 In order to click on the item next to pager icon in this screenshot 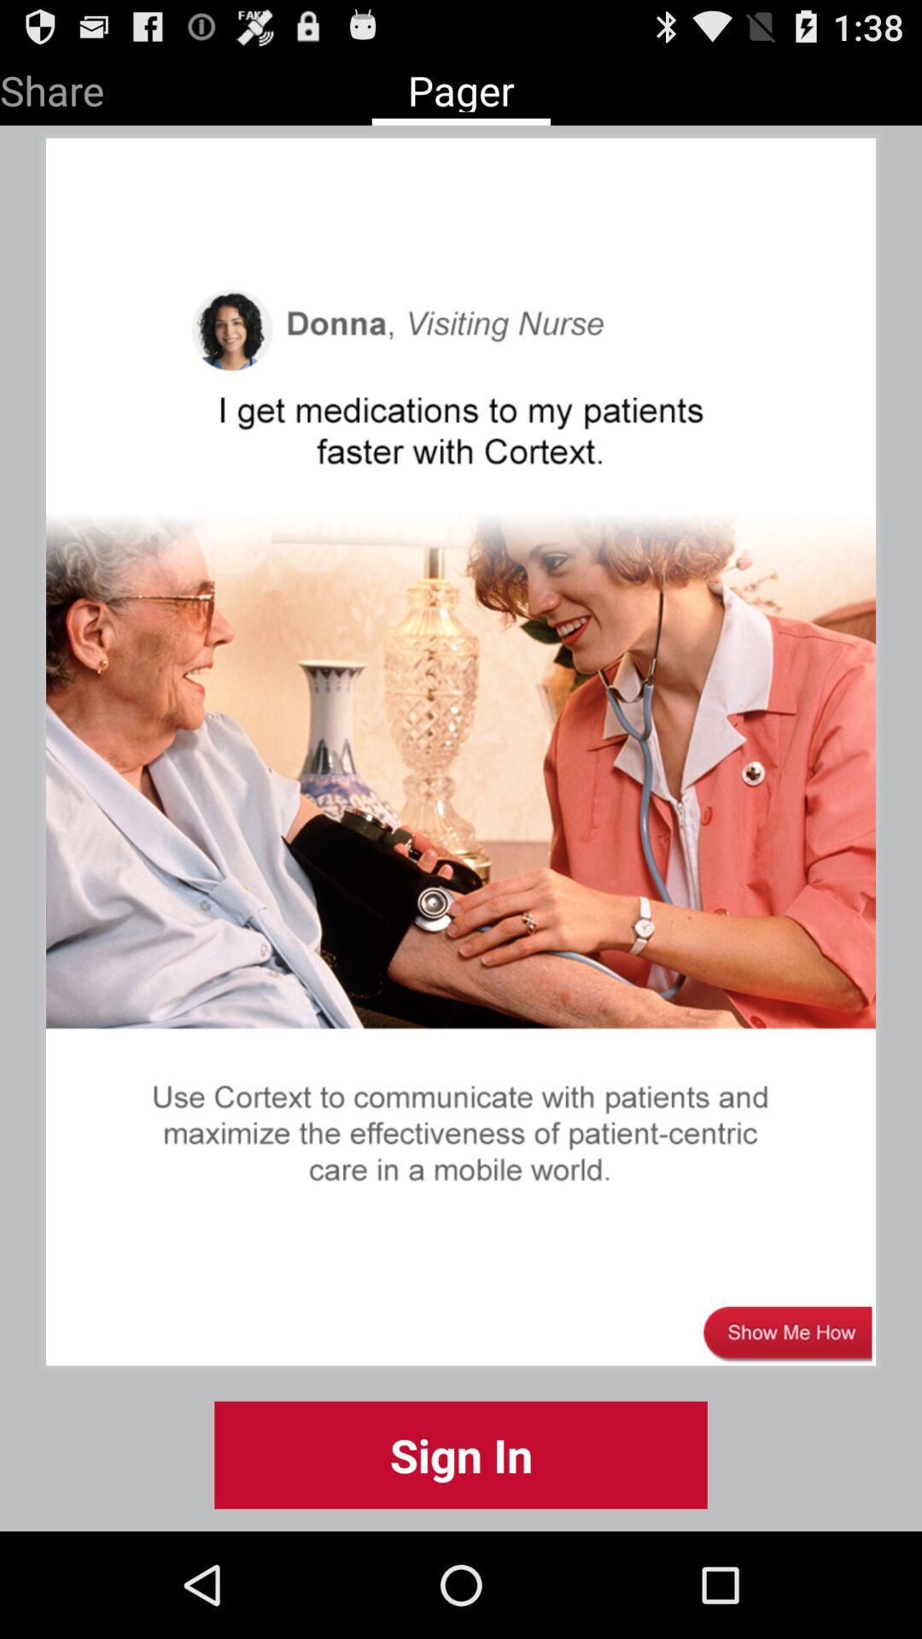, I will do `click(51, 86)`.